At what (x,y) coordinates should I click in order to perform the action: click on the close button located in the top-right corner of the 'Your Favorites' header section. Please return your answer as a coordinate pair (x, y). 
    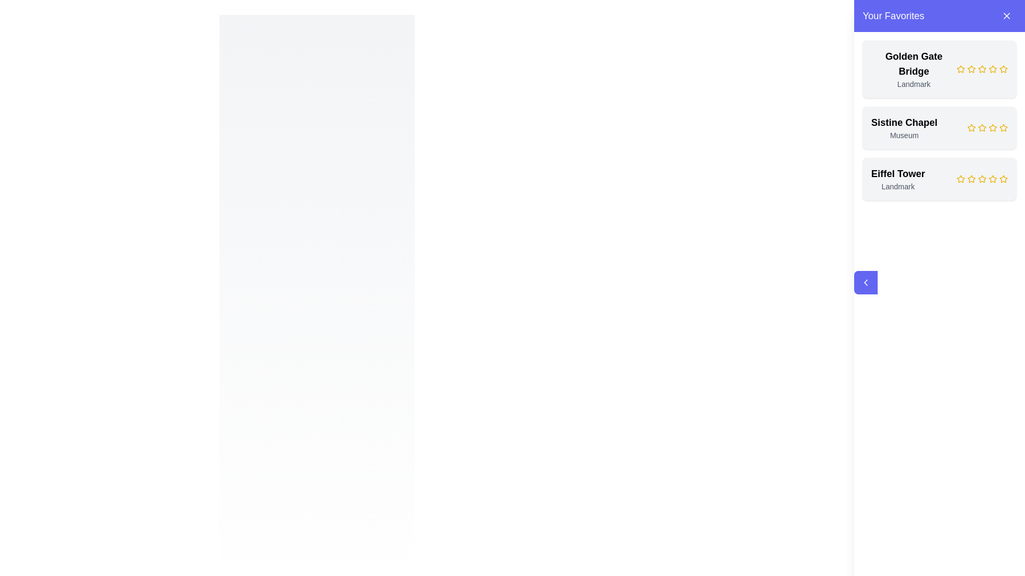
    Looking at the image, I should click on (1006, 16).